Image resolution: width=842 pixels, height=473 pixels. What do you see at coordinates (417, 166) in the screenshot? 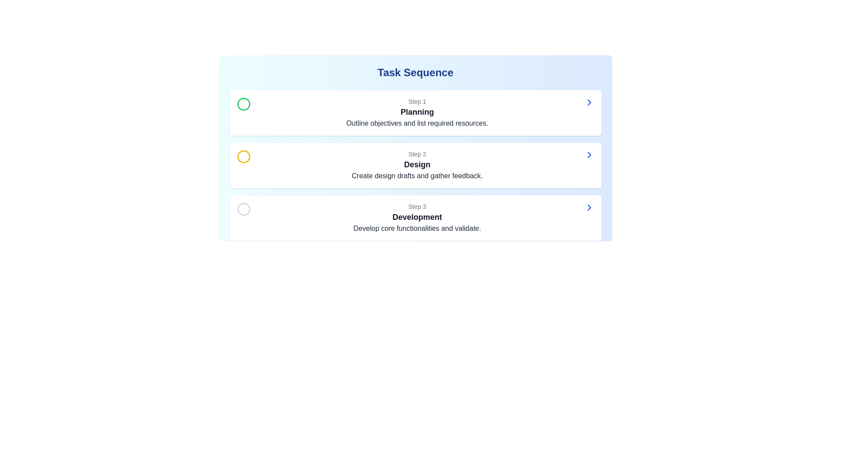
I see `contents of the textual display component that shows 'Step 2', 'Design', and 'Create design drafts and gather feedback.'` at bounding box center [417, 166].